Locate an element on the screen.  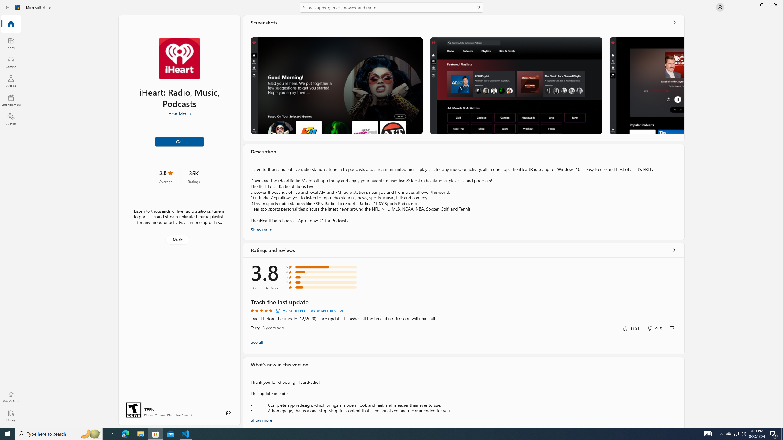
'Search' is located at coordinates (391, 7).